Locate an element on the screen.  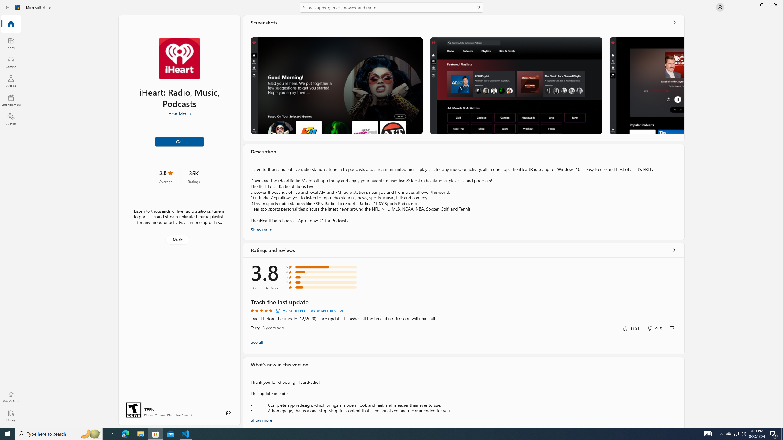
'Search' is located at coordinates (391, 7).